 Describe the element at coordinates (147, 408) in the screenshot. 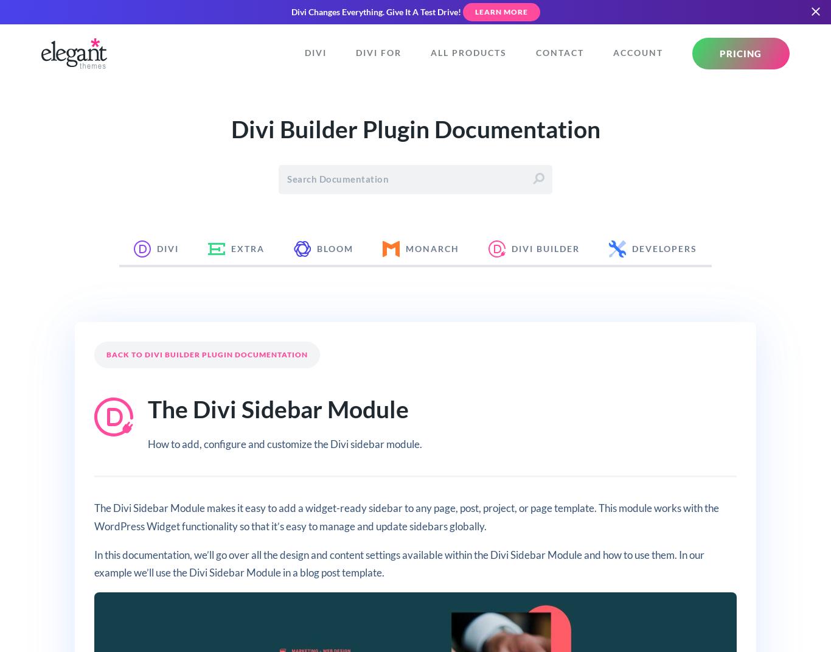

I see `'The Divi Sidebar Module'` at that location.